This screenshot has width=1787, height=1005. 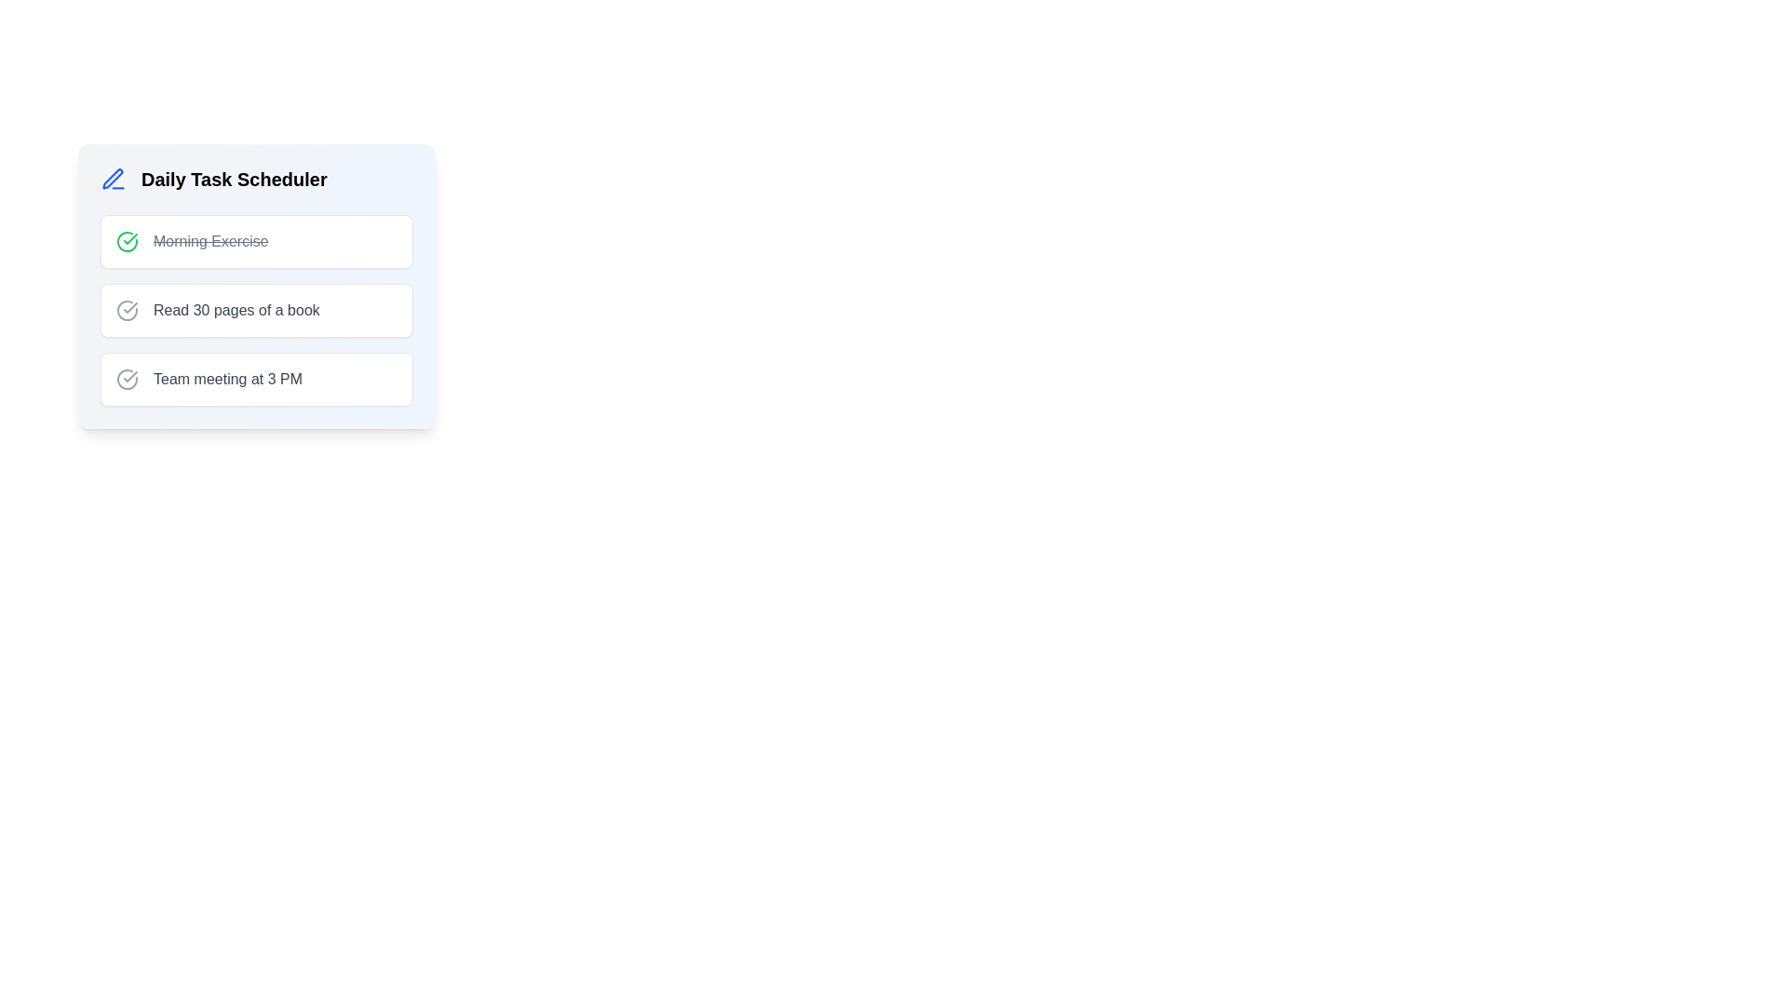 What do you see at coordinates (127, 240) in the screenshot?
I see `the green circular checkmark icon associated with the 'Morning Exercise' task in the 'Daily Task Scheduler' section to interact with it` at bounding box center [127, 240].